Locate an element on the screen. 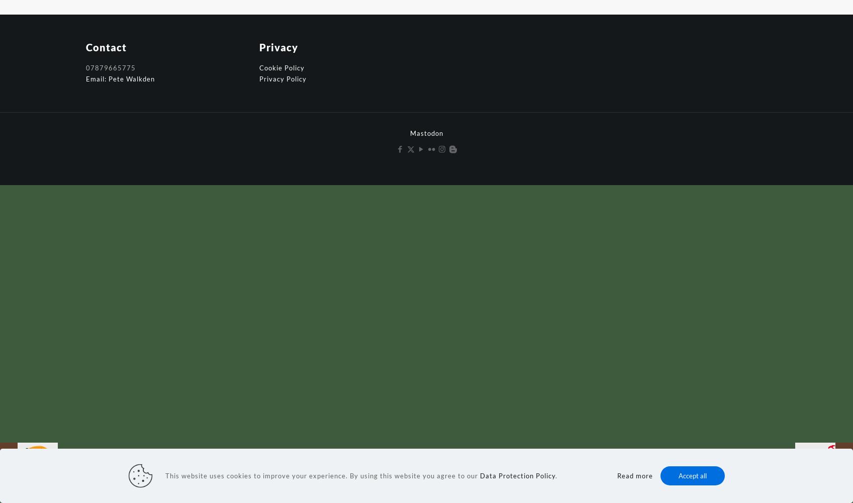  'This website uses cookies to improve your experience. By using this website you agree to our' is located at coordinates (322, 475).